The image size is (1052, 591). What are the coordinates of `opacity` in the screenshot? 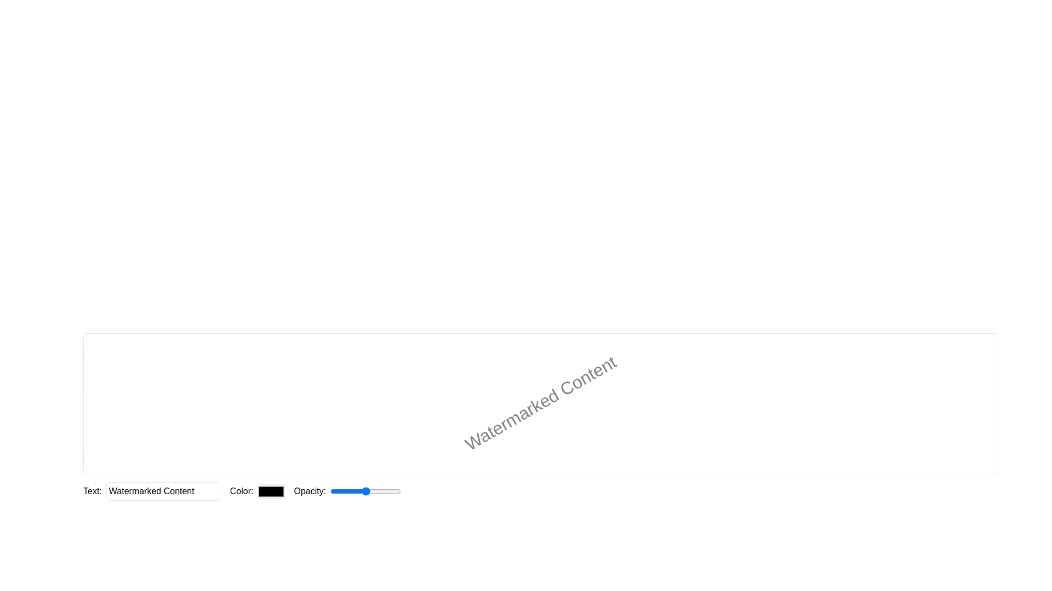 It's located at (343, 491).